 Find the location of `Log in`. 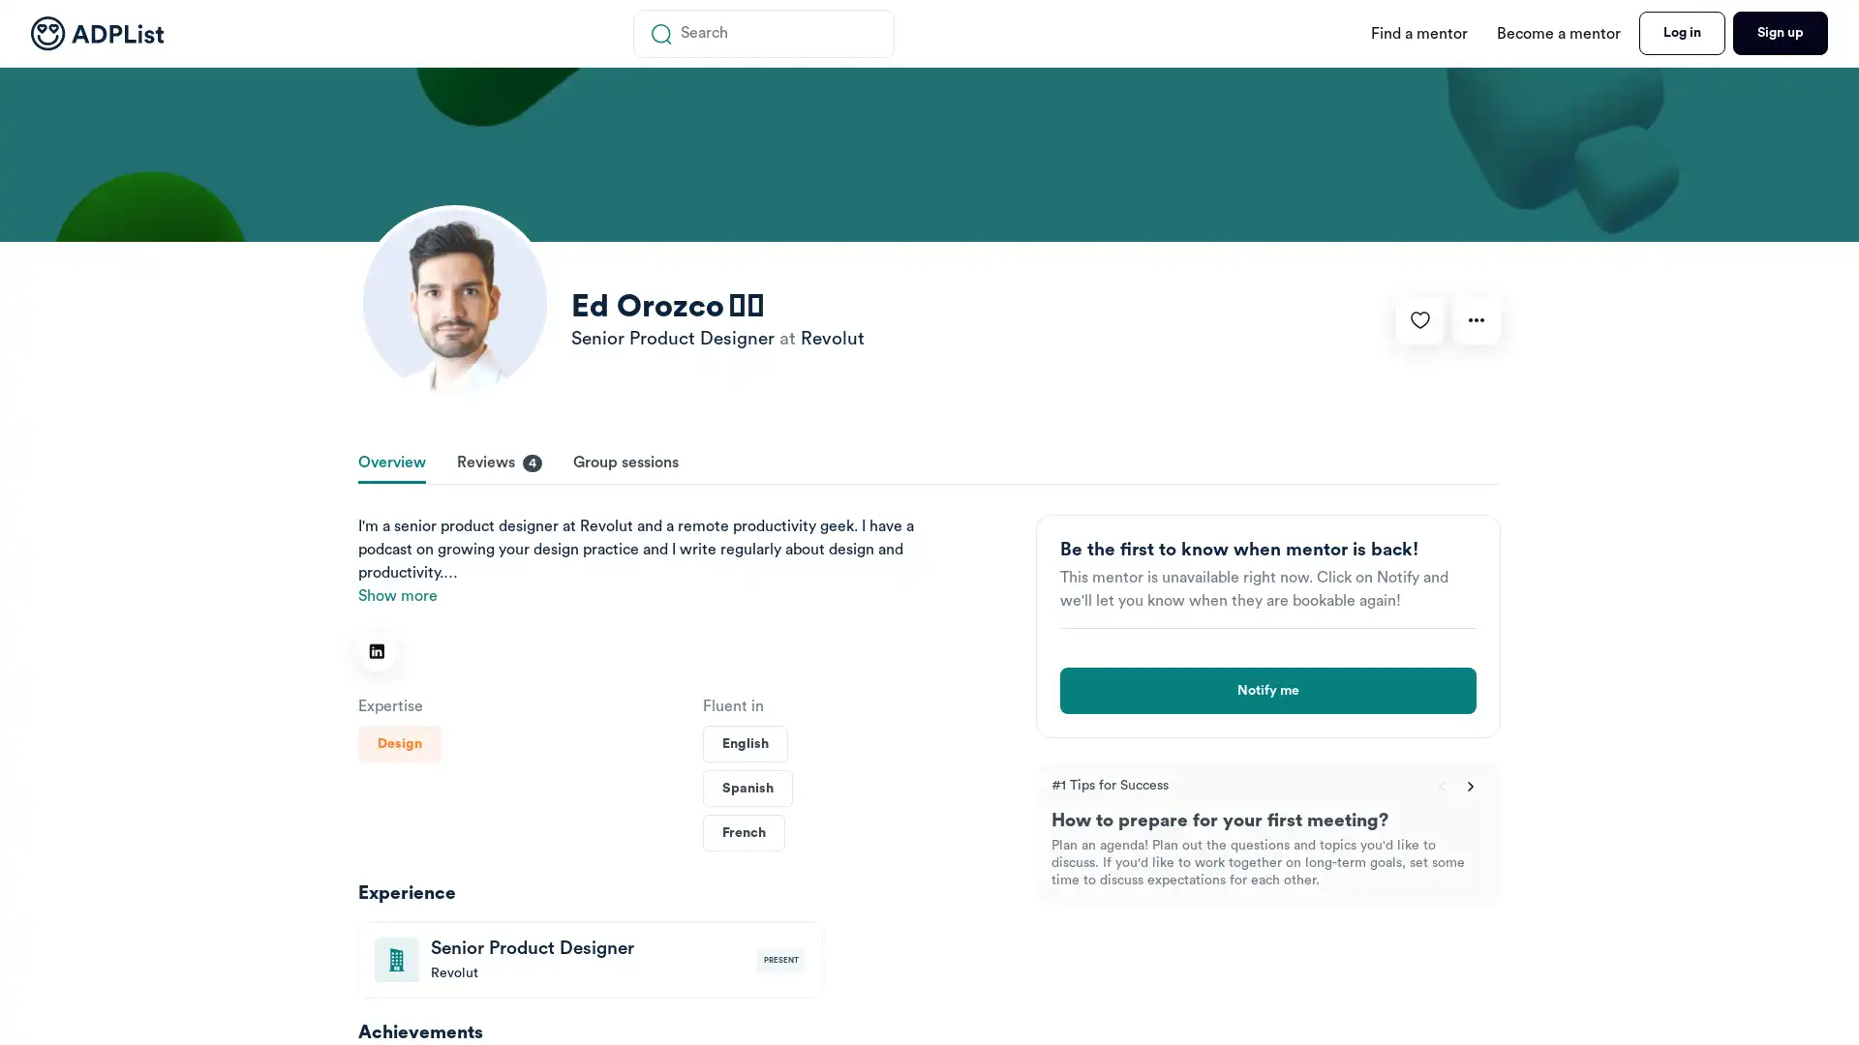

Log in is located at coordinates (1681, 33).